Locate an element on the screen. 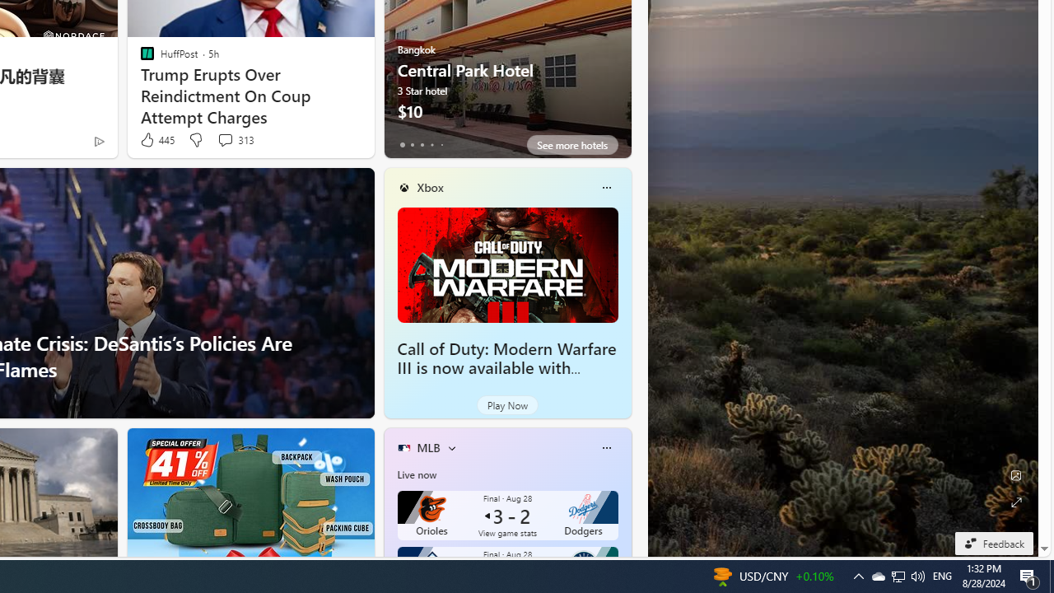 The image size is (1054, 593). 'tab-2' is located at coordinates (422, 144).